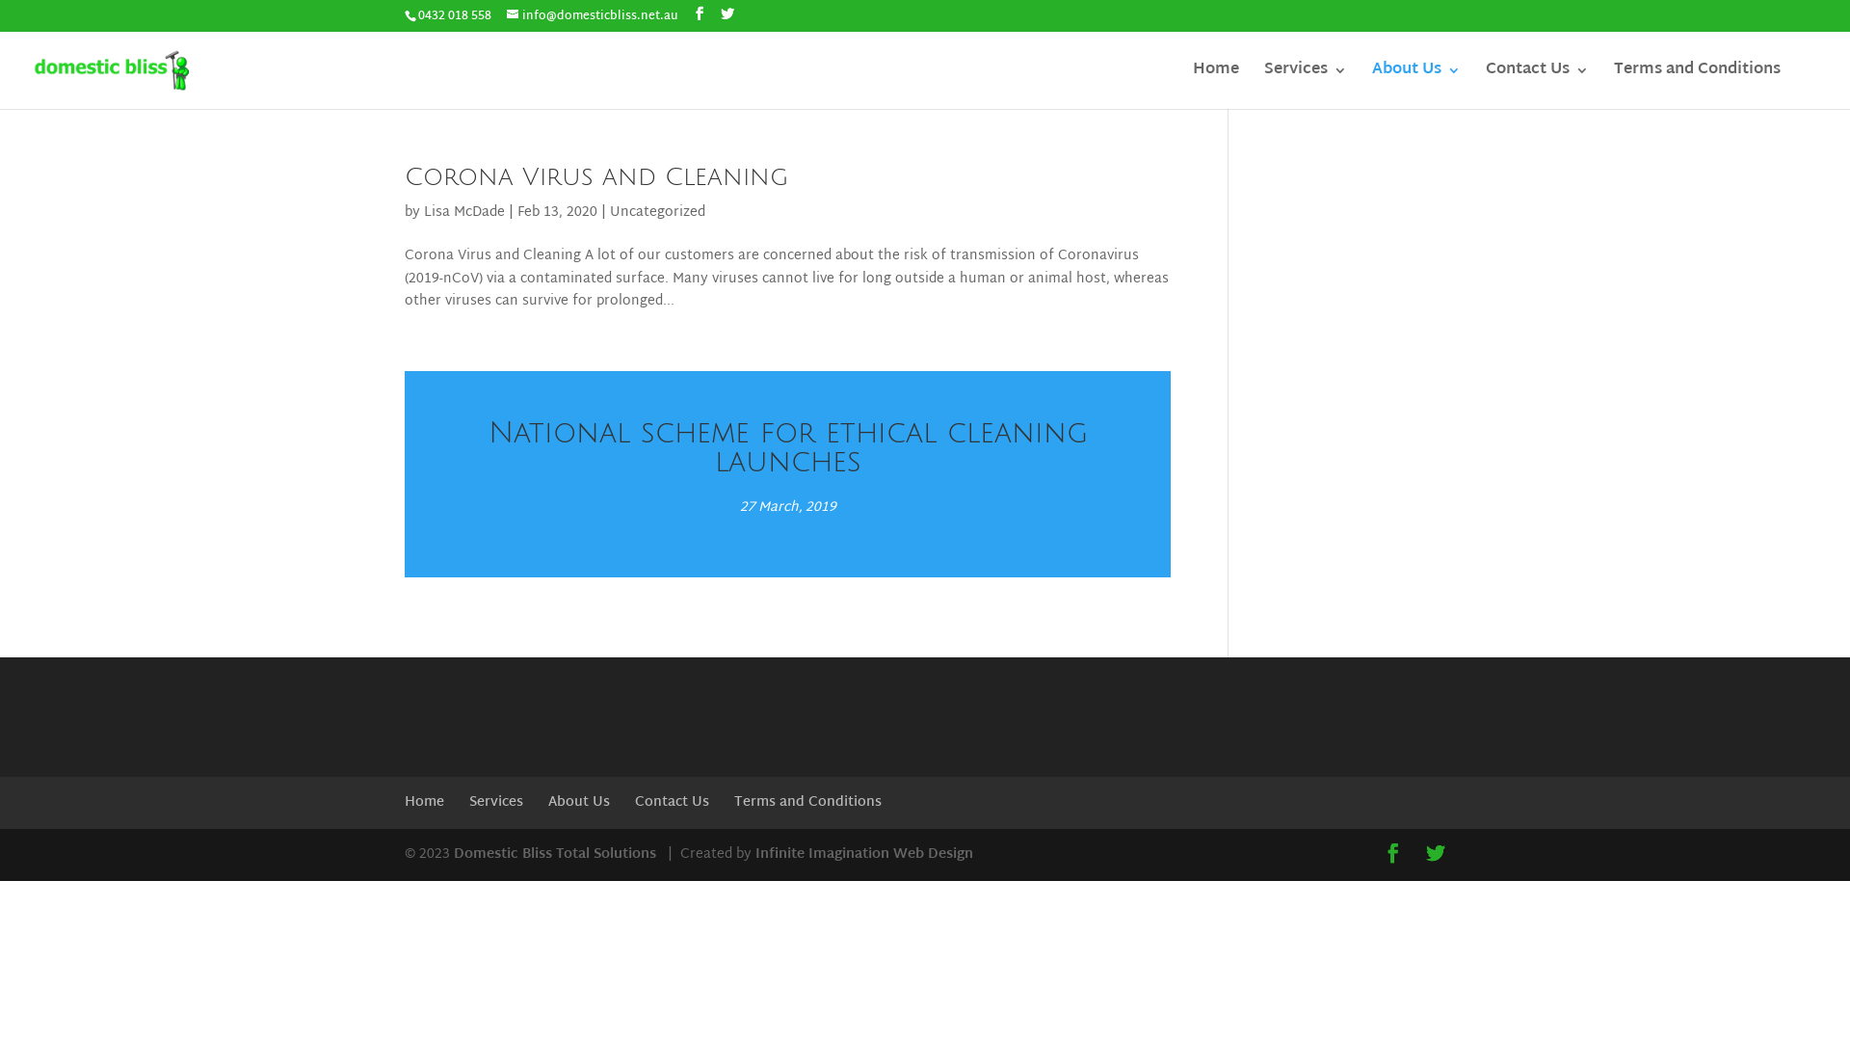 The width and height of the screenshot is (1850, 1041). Describe the element at coordinates (672, 802) in the screenshot. I see `'Contact Us'` at that location.